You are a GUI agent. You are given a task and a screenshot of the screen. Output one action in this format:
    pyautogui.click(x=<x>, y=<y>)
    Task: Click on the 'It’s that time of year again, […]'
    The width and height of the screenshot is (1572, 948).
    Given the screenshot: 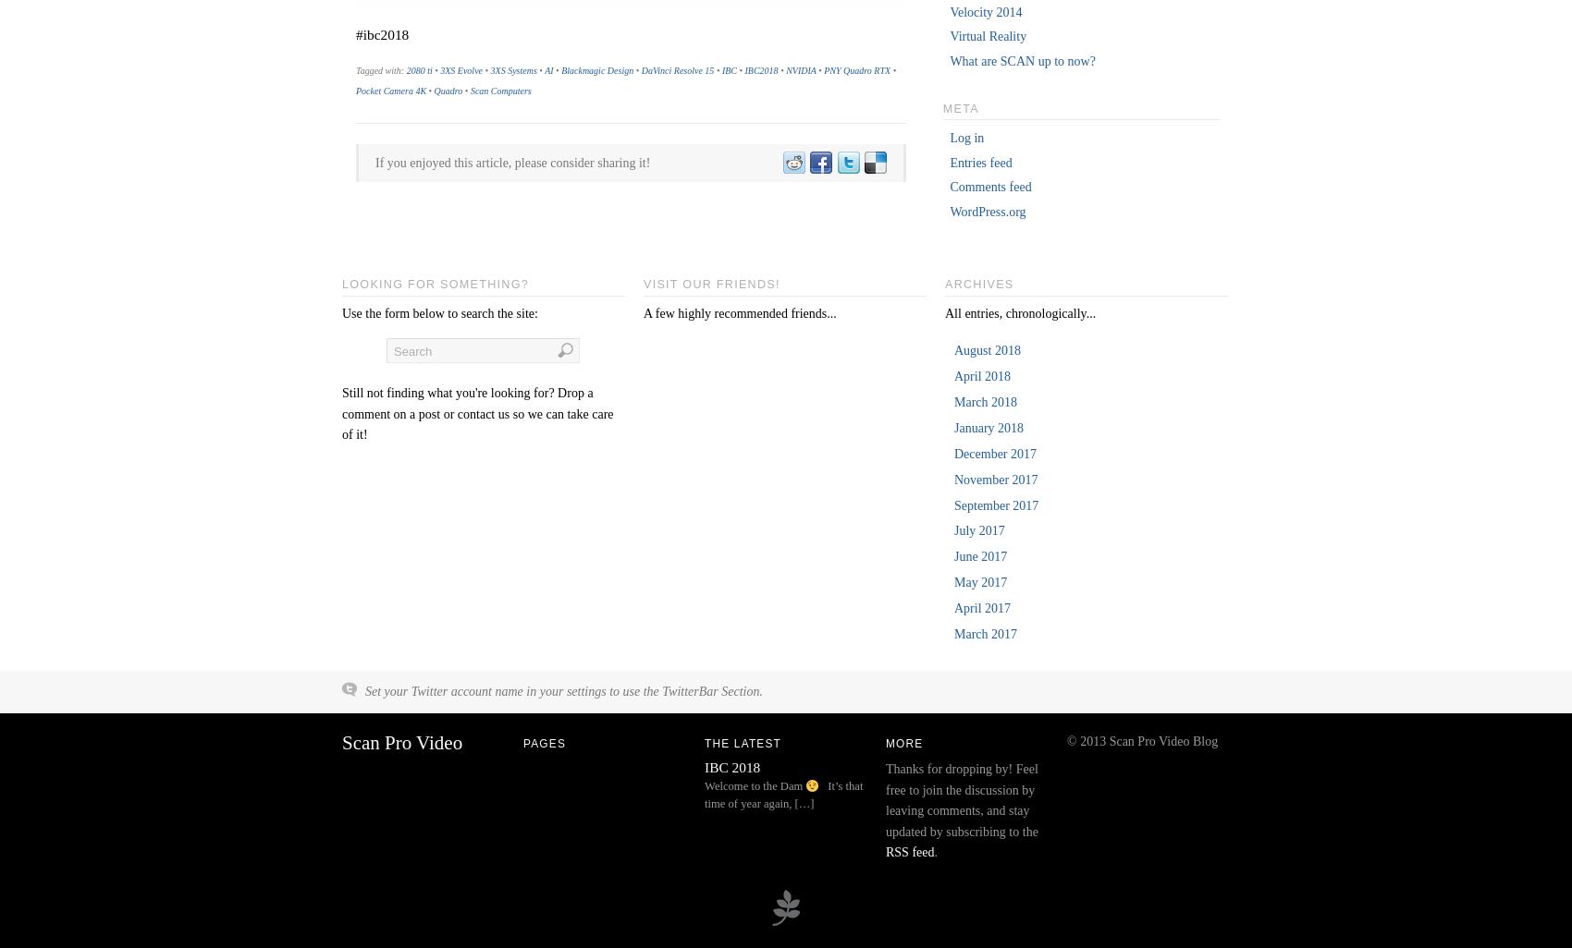 What is the action you would take?
    pyautogui.click(x=782, y=795)
    